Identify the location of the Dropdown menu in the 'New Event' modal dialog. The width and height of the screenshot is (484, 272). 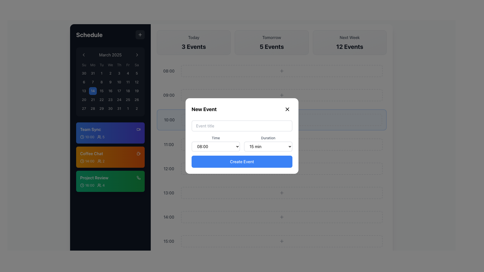
(268, 147).